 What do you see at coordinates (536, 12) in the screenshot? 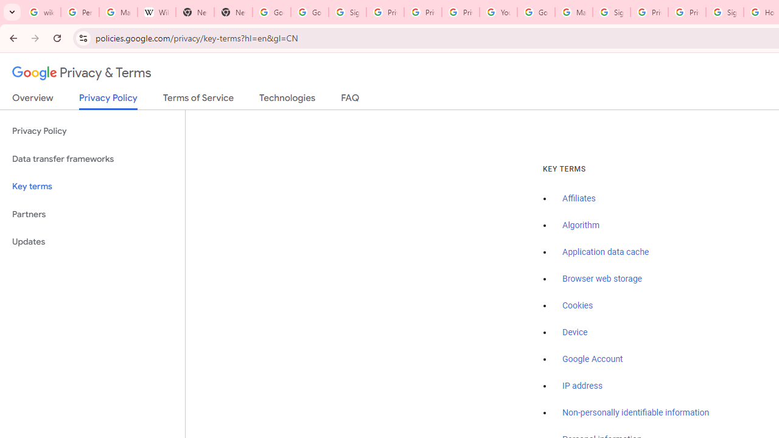
I see `'Google Account Help'` at bounding box center [536, 12].